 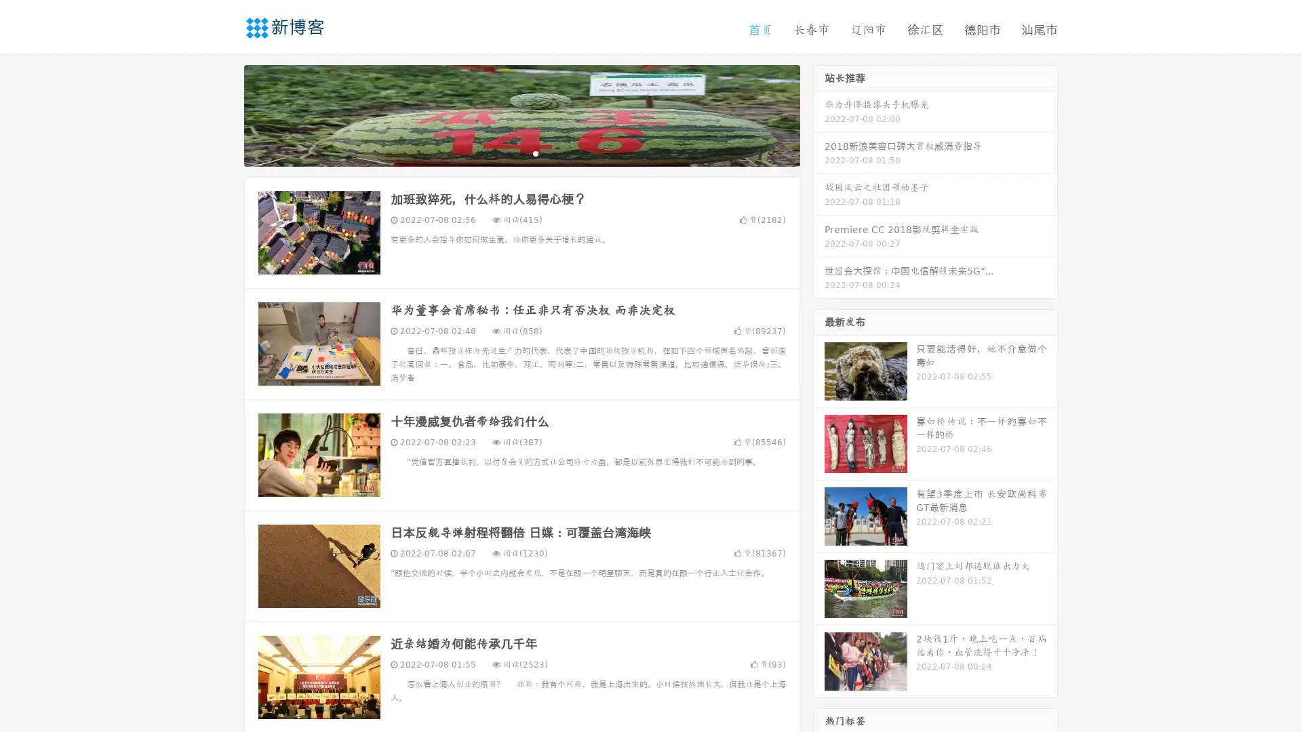 I want to click on Next slide, so click(x=819, y=114).